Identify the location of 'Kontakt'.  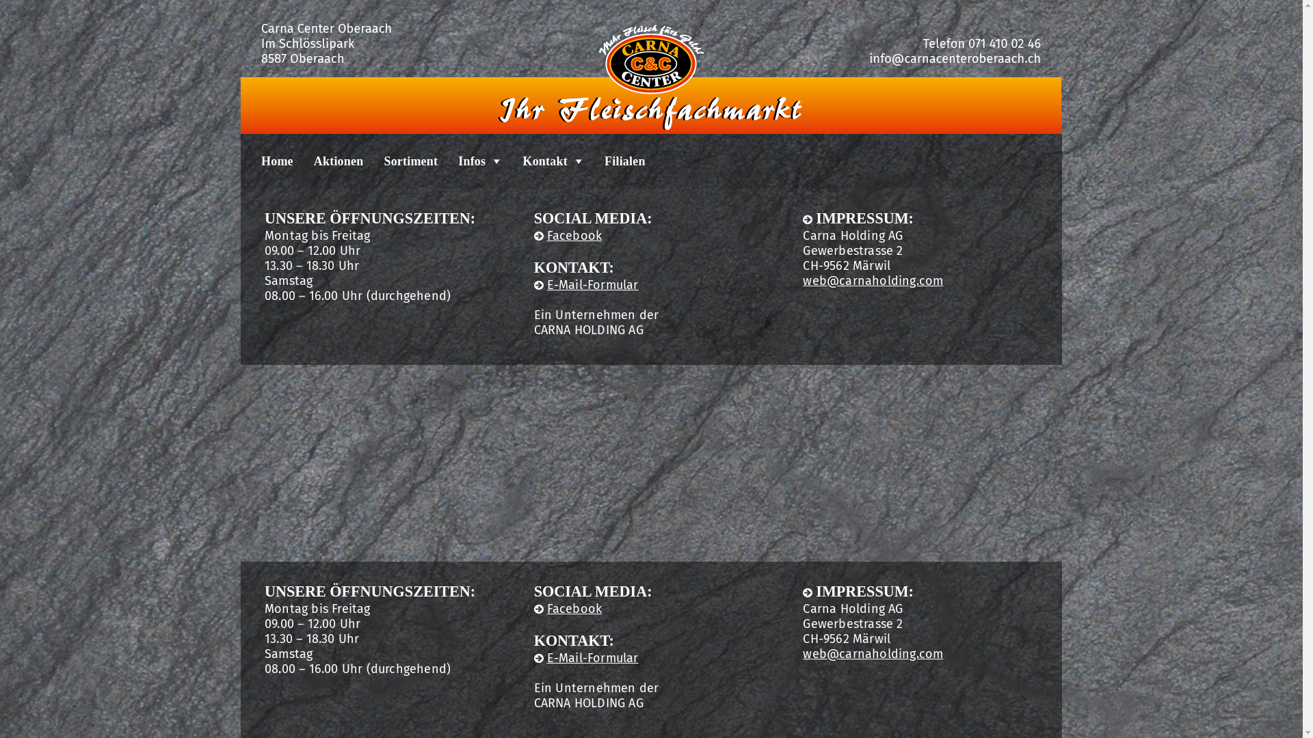
(542, 160).